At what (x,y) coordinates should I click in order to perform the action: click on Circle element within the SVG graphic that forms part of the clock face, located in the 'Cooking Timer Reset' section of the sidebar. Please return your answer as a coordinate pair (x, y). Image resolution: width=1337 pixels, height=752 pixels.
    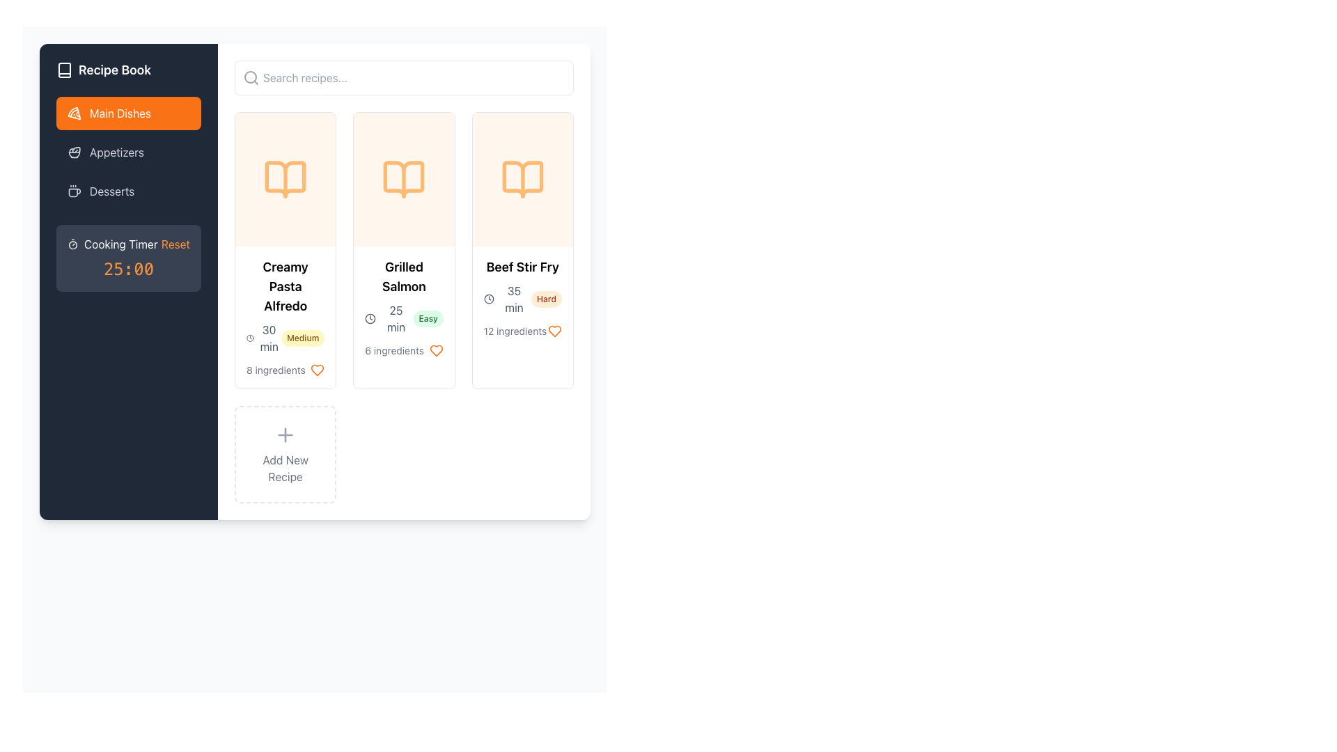
    Looking at the image, I should click on (489, 298).